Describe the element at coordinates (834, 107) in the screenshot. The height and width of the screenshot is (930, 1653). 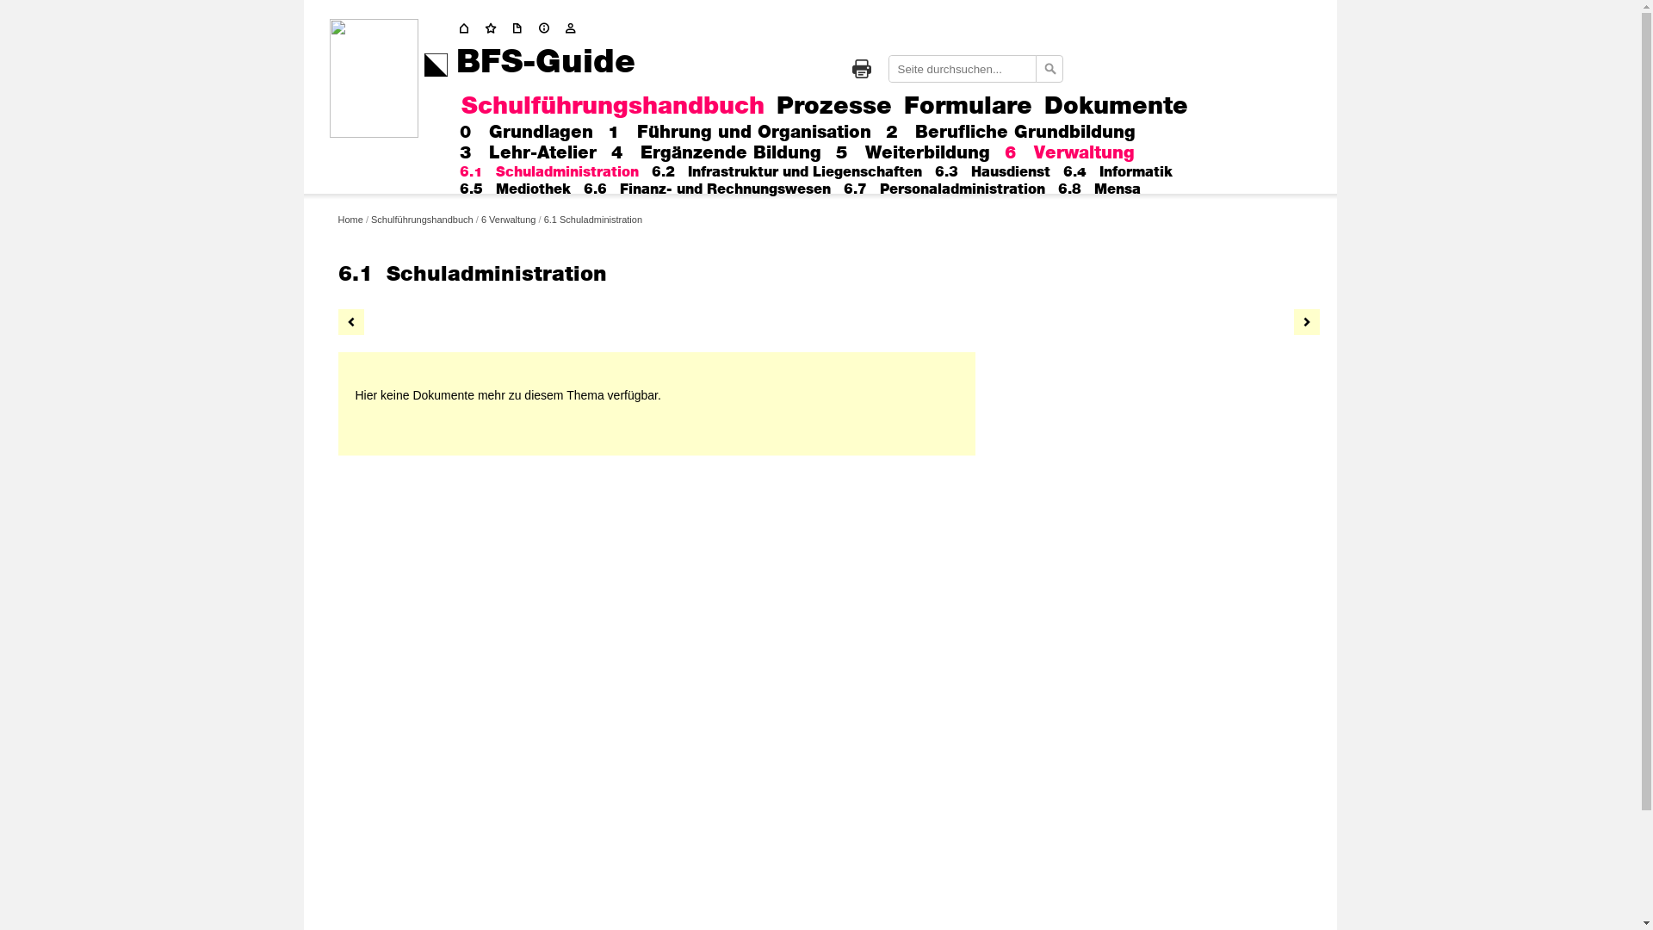
I see `'Prozesse'` at that location.